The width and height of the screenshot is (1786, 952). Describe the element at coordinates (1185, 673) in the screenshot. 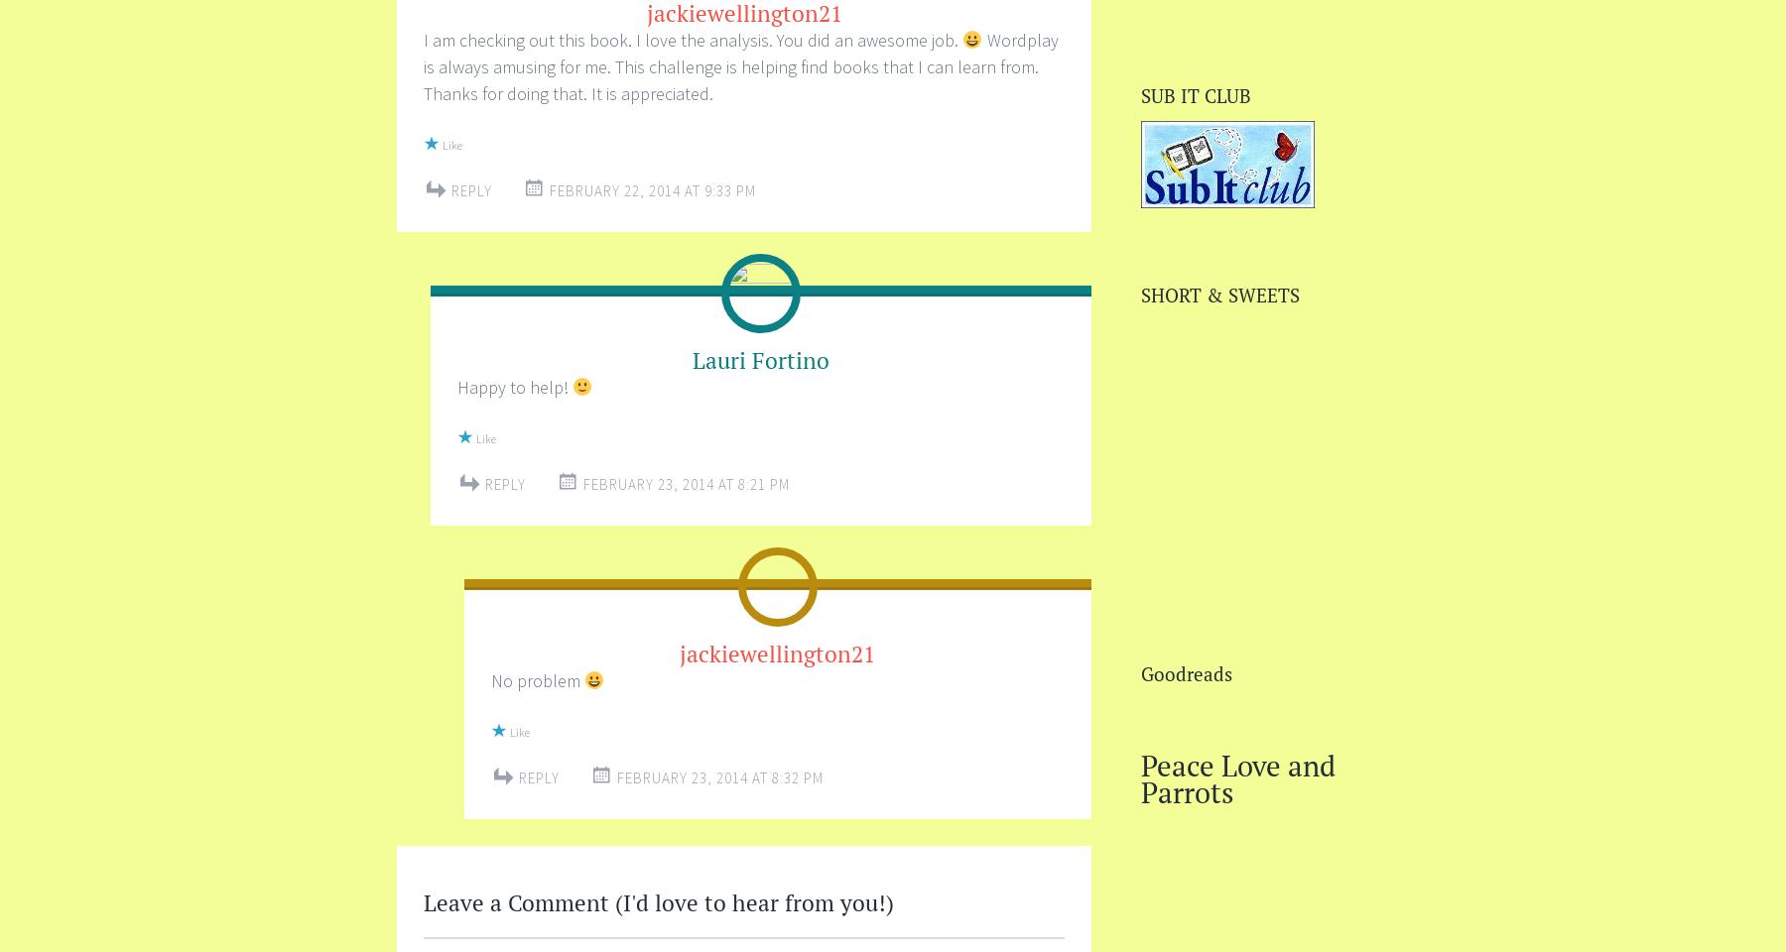

I see `'Goodreads'` at that location.